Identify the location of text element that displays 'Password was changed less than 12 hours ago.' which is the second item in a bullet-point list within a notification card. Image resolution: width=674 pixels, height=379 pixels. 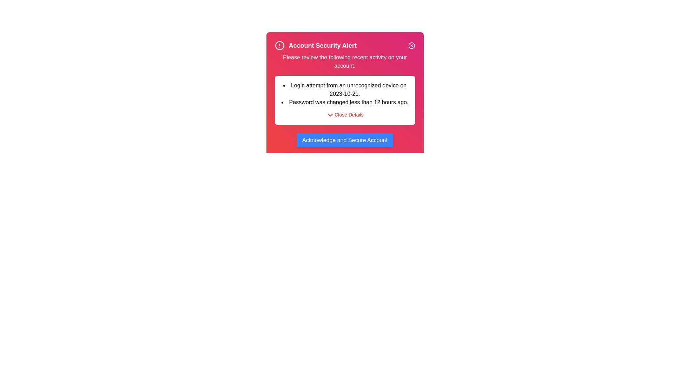
(345, 102).